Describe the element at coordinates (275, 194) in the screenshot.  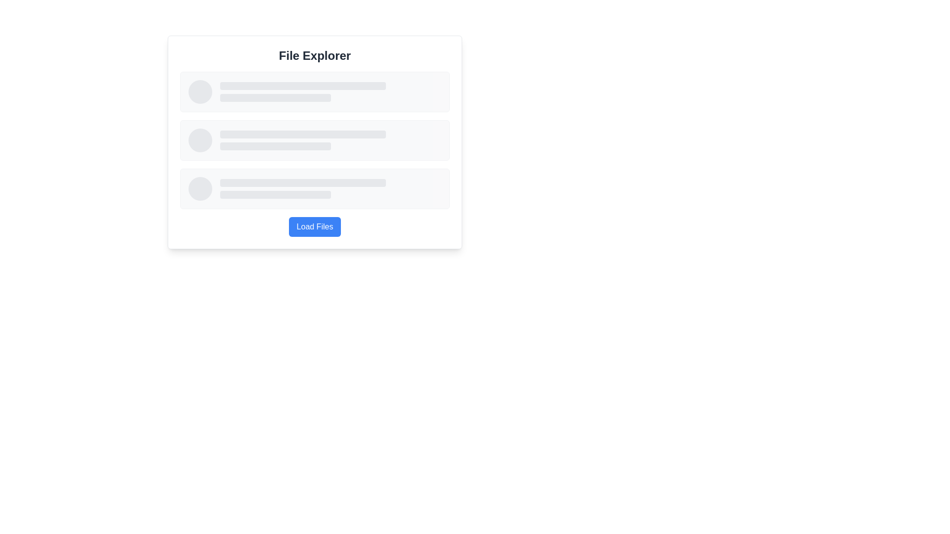
I see `the horizontal grey bar with rounded ends, which is the second item among two gray bars in the 'File Explorer' card area` at that location.